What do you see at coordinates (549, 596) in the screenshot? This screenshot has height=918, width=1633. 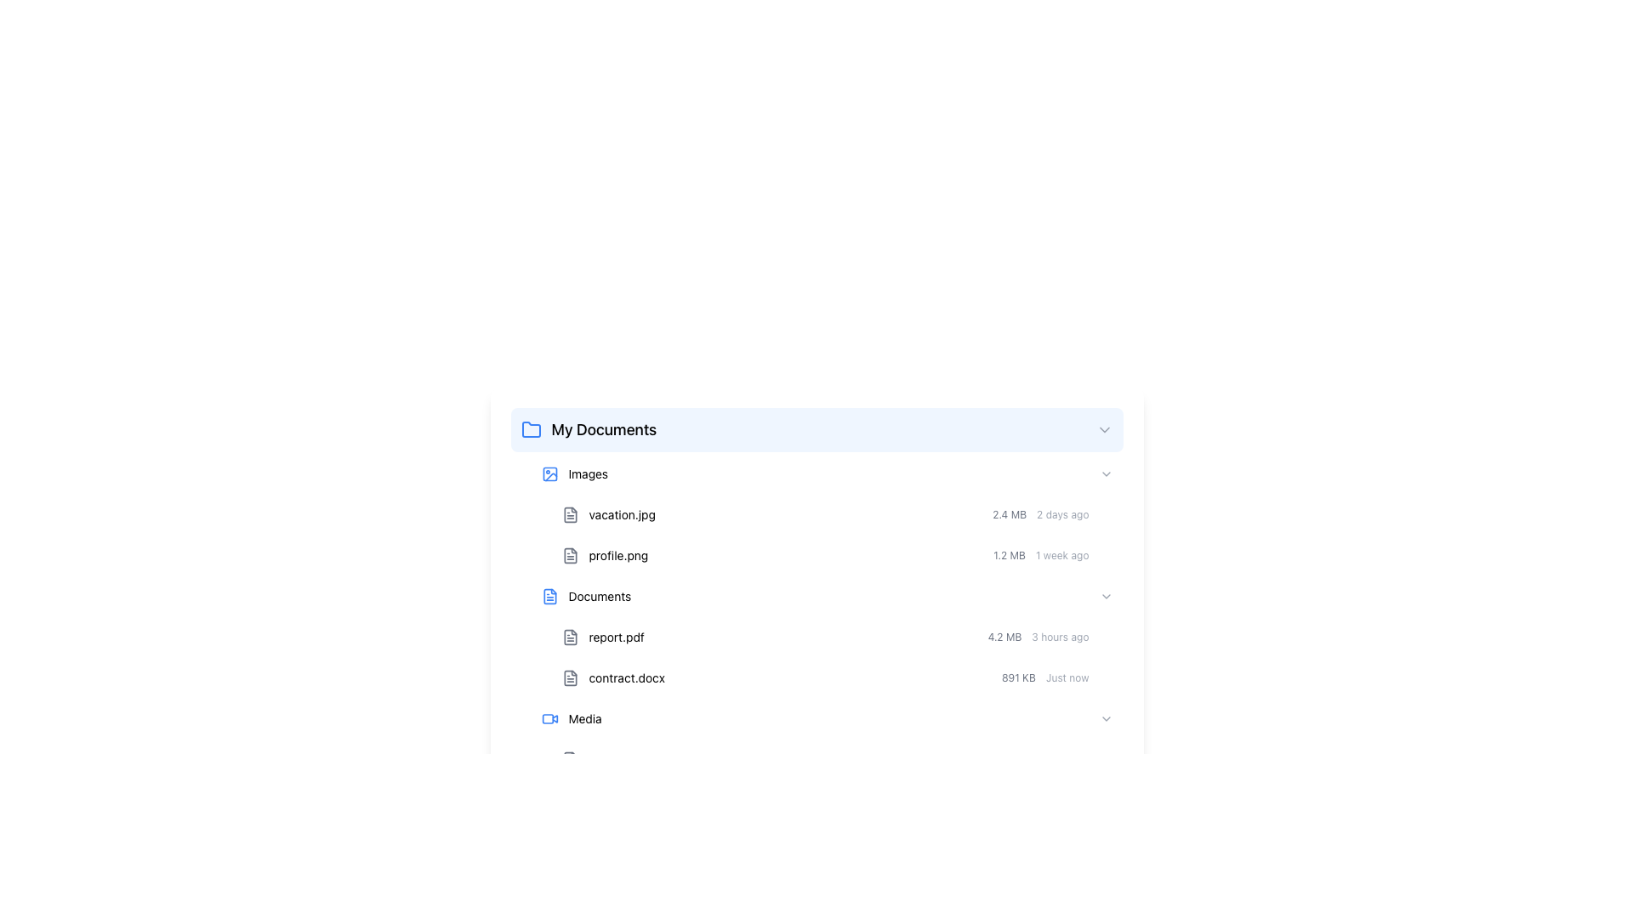 I see `the document icon next to the label 'Documents' in the second item of the vertically arranged list` at bounding box center [549, 596].